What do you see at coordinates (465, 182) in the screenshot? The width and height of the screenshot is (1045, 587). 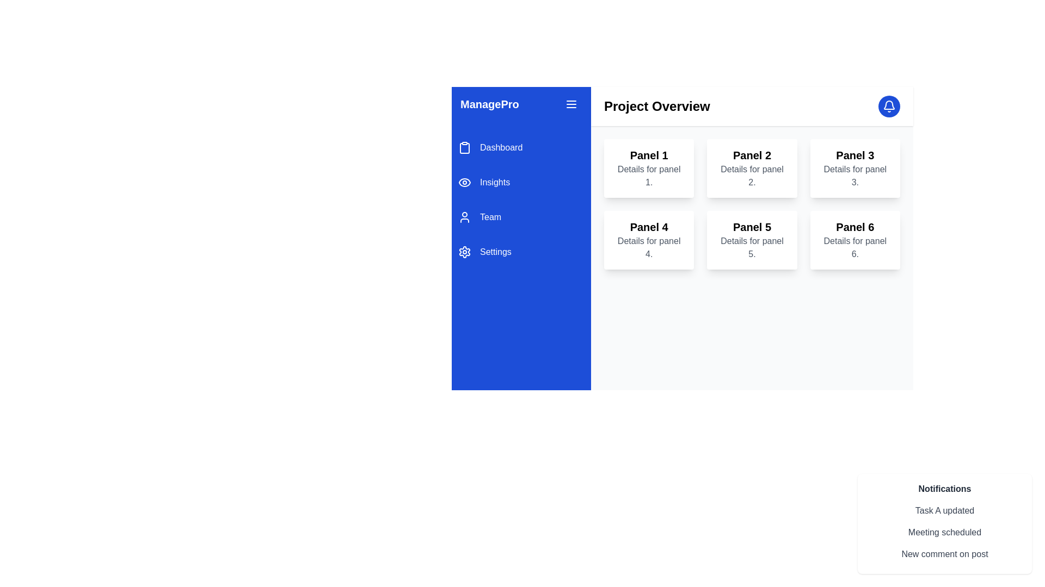 I see `the 'Insights' icon located in the left-hand sidebar menu of the application, positioned to the left of the text 'Insights' and roughly in the middle of the sidebar` at bounding box center [465, 182].